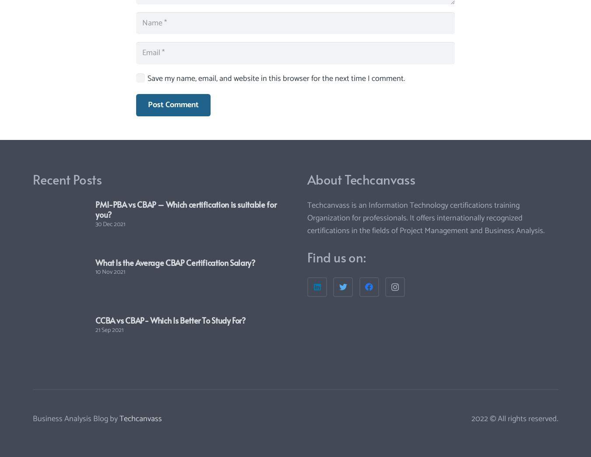  What do you see at coordinates (109, 329) in the screenshot?
I see `'21 Sep 2021'` at bounding box center [109, 329].